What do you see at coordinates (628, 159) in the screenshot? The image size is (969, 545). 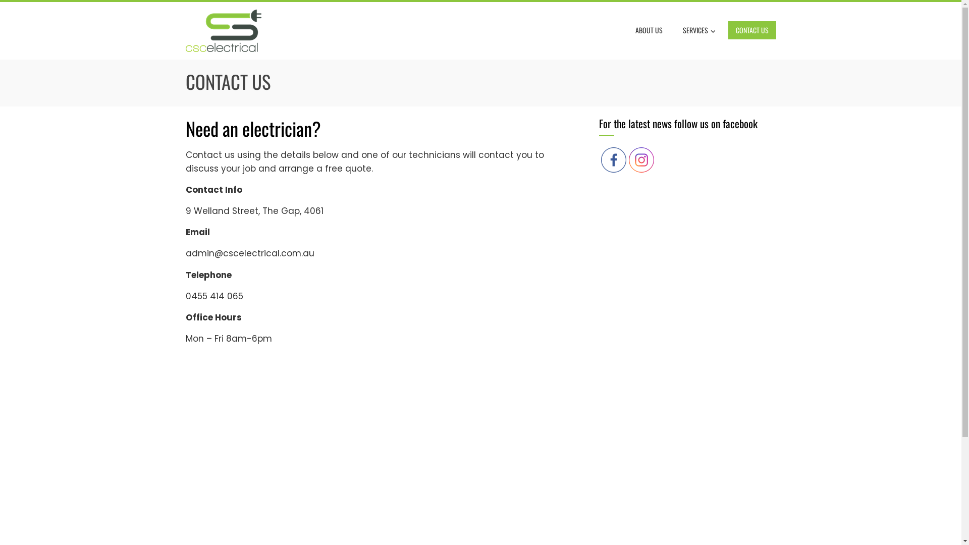 I see `'Instagram'` at bounding box center [628, 159].